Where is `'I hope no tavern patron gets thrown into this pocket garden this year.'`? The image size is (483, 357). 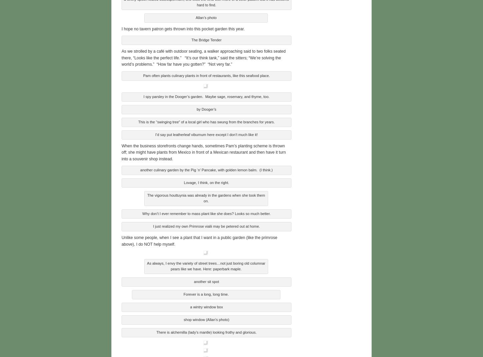 'I hope no tavern patron gets thrown into this pocket garden this year.' is located at coordinates (183, 28).